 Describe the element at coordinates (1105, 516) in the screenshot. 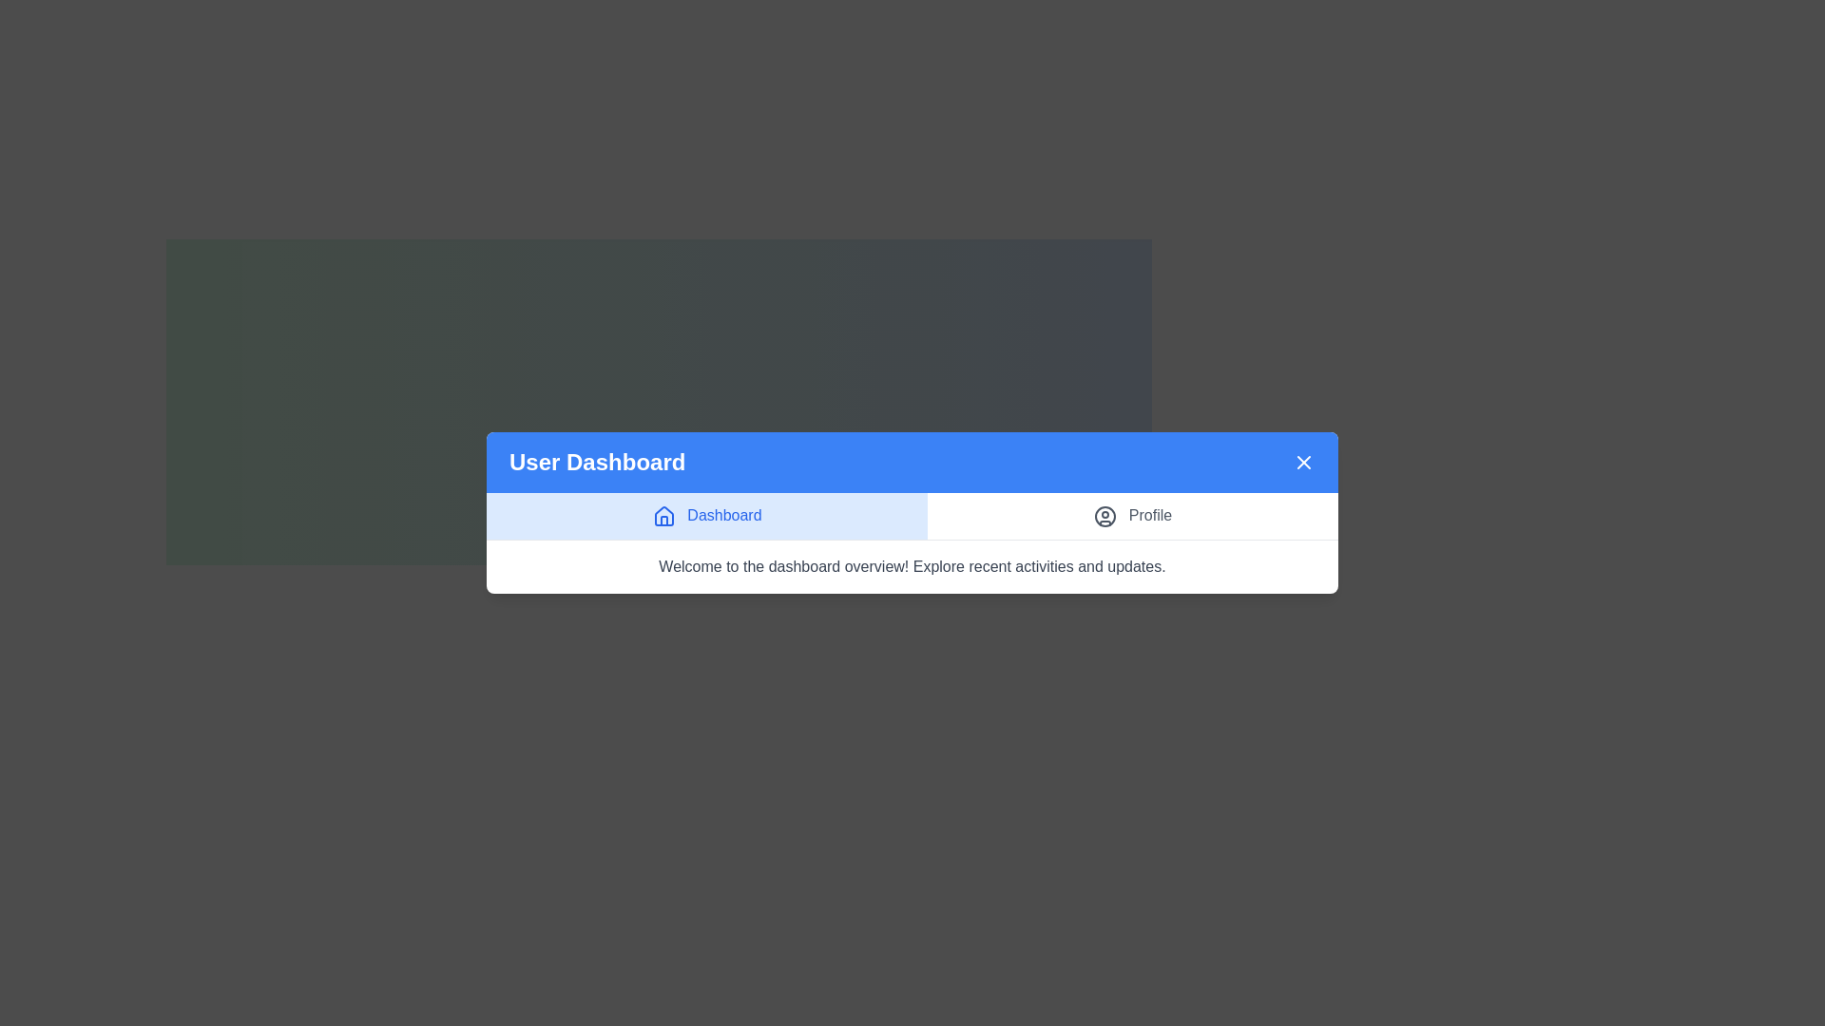

I see `the SVG Circle that serves as a decorative element for the user icon, located next to the 'Profile' button in the navigation bar of the dashboard` at that location.